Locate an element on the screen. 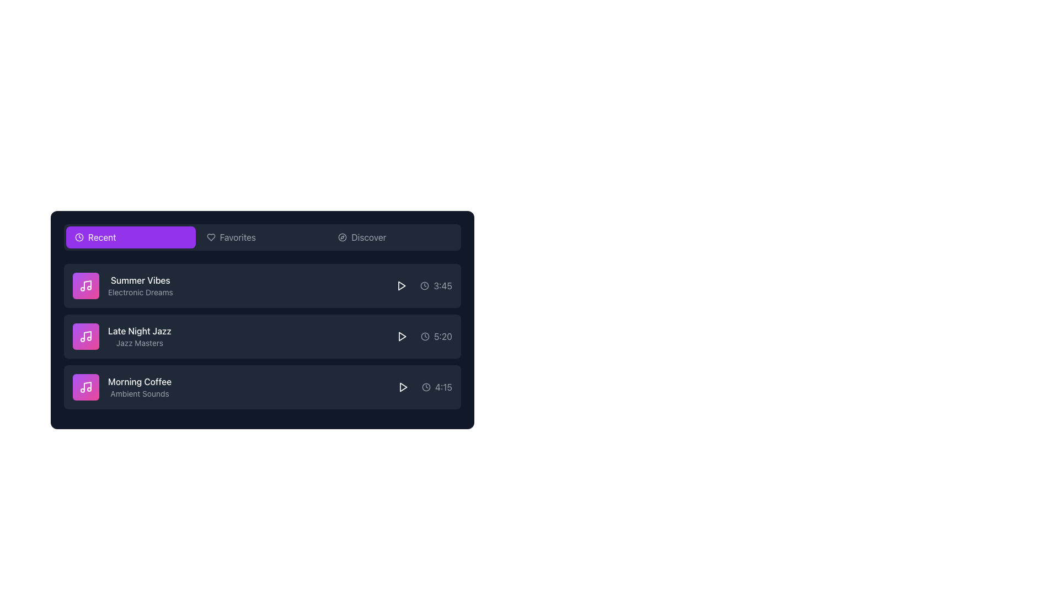 Image resolution: width=1059 pixels, height=595 pixels. the music track icon located to the left of the text label 'Late Night Jazz' to interact with it is located at coordinates (85, 336).